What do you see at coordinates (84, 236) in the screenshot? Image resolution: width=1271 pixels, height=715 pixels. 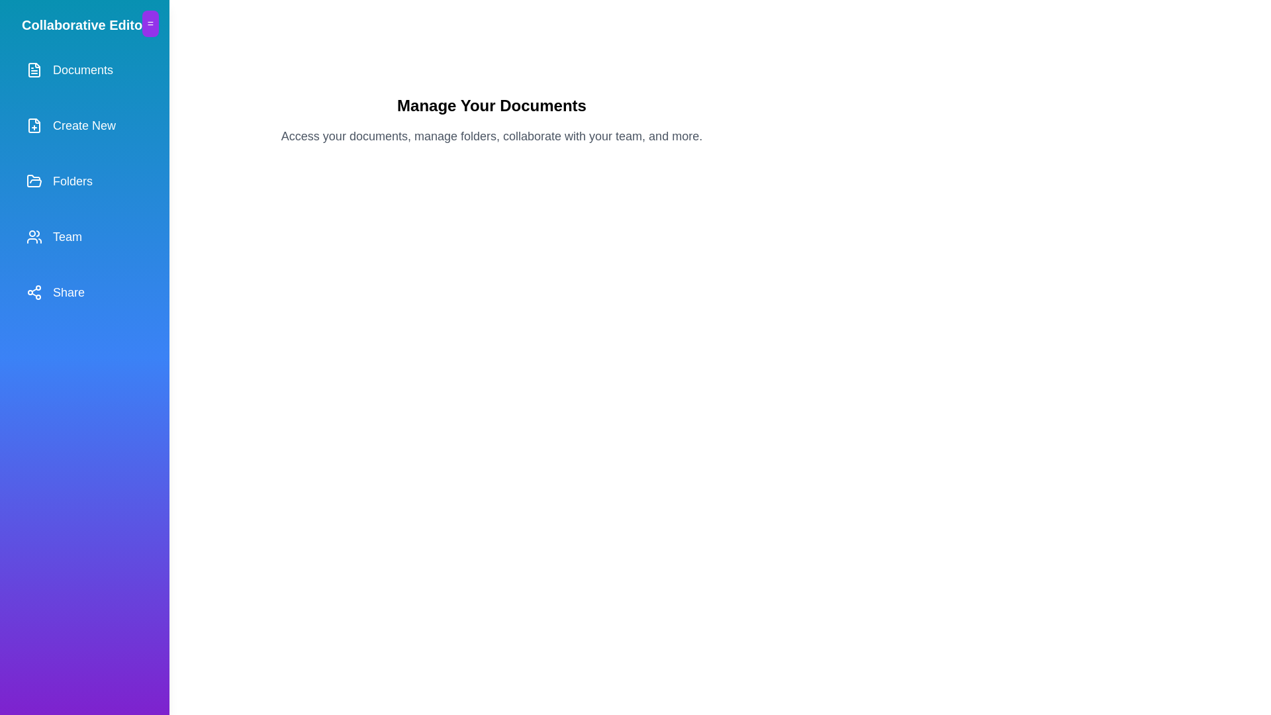 I see `the menu item labeled Team from the drawer` at bounding box center [84, 236].